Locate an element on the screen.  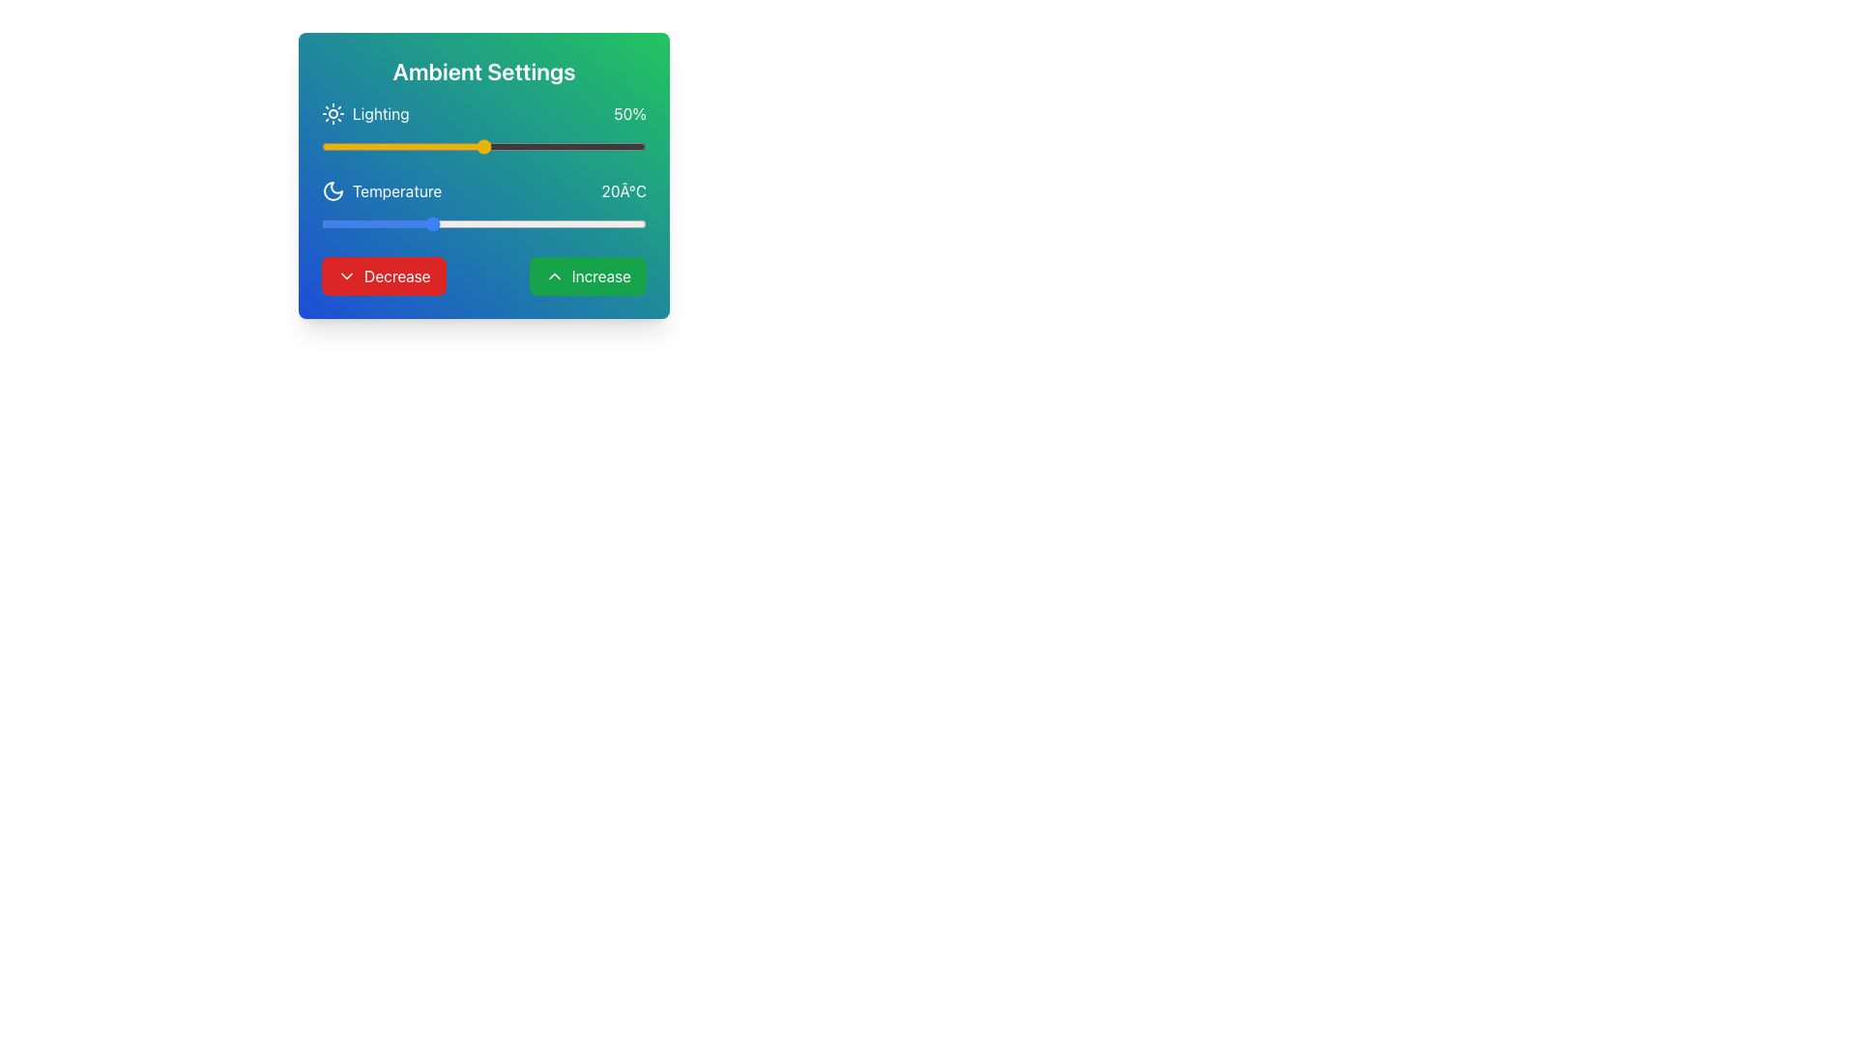
the temperature is located at coordinates (321, 222).